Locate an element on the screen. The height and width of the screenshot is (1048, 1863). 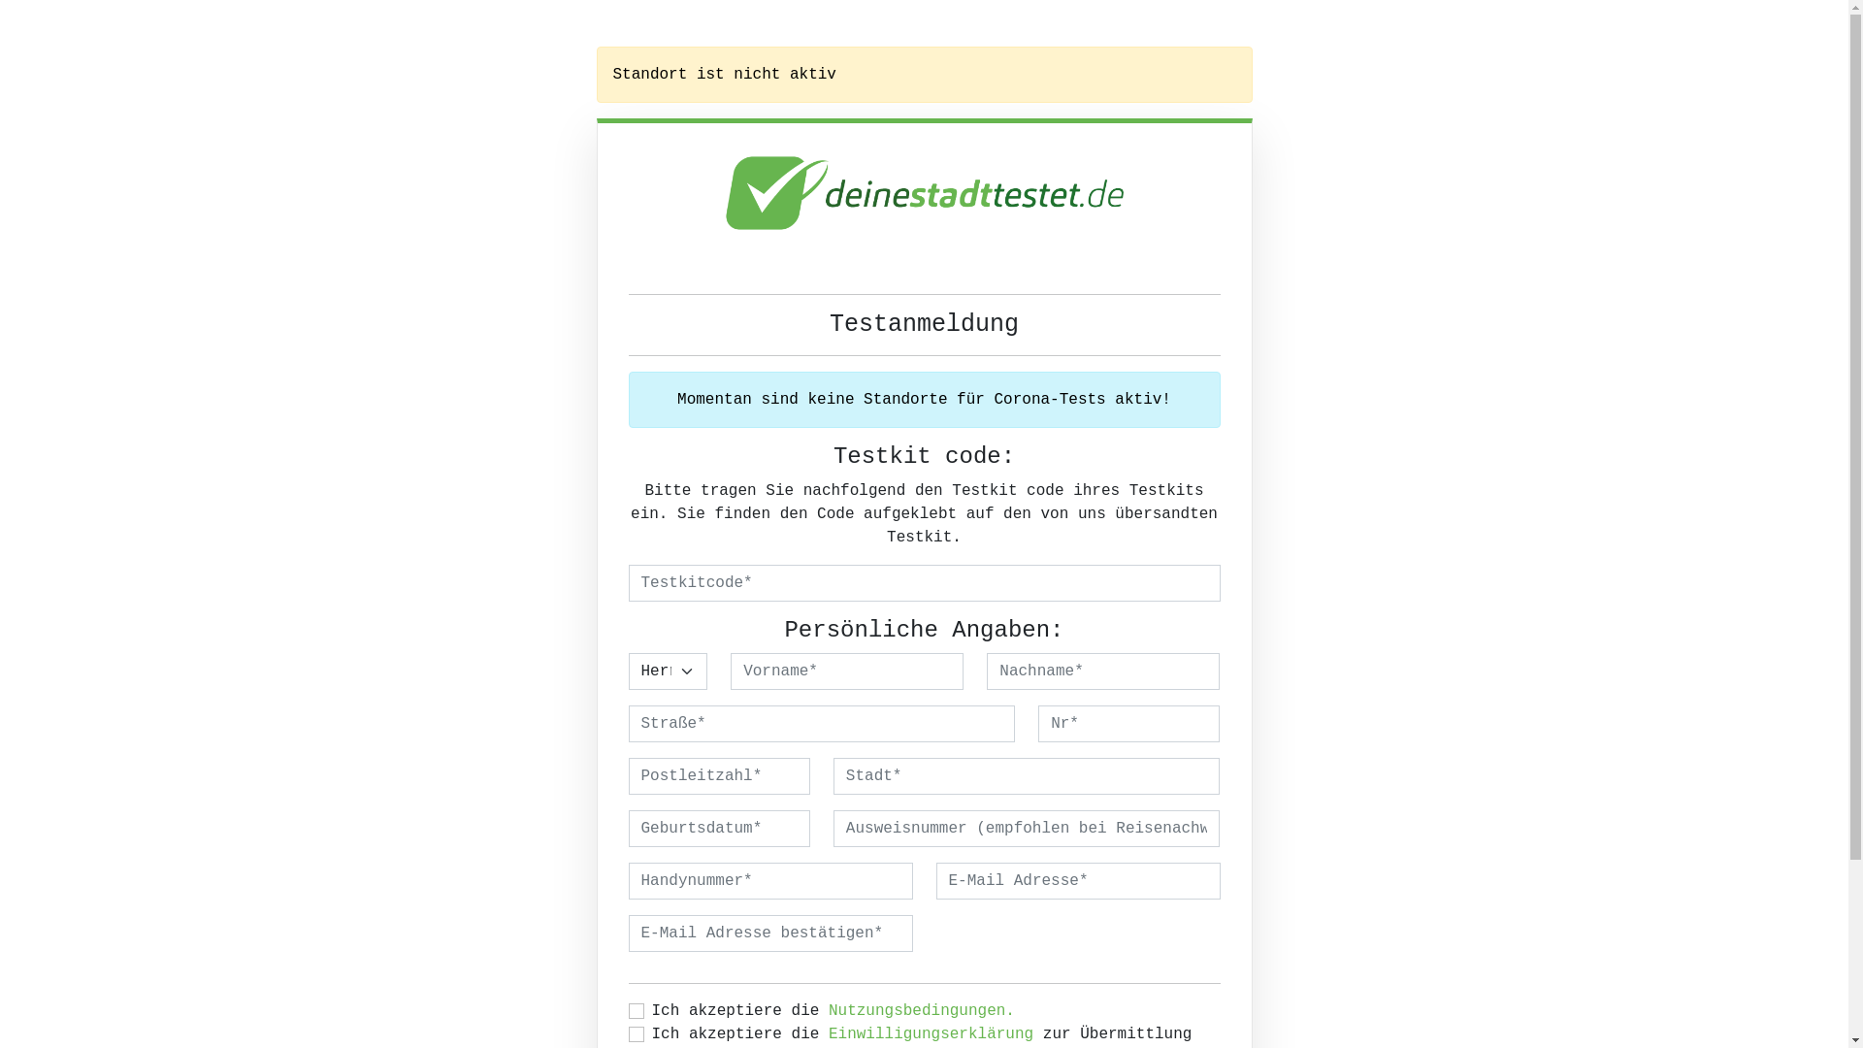
'Nutzungsbedingungen.' is located at coordinates (921, 1009).